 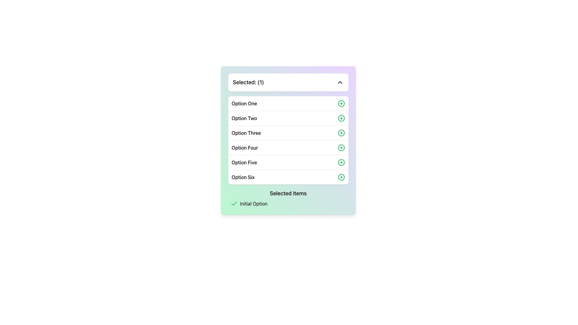 What do you see at coordinates (341, 103) in the screenshot?
I see `the add button located to the far right of the list item labeled 'Option One'` at bounding box center [341, 103].